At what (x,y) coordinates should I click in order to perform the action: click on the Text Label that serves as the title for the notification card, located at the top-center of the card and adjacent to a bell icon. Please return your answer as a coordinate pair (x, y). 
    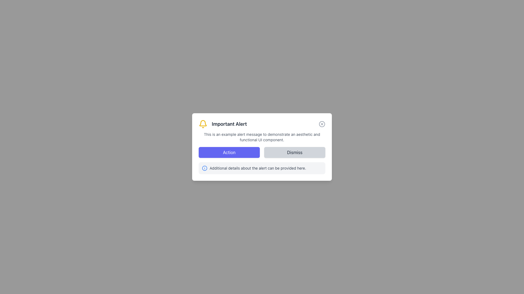
    Looking at the image, I should click on (223, 124).